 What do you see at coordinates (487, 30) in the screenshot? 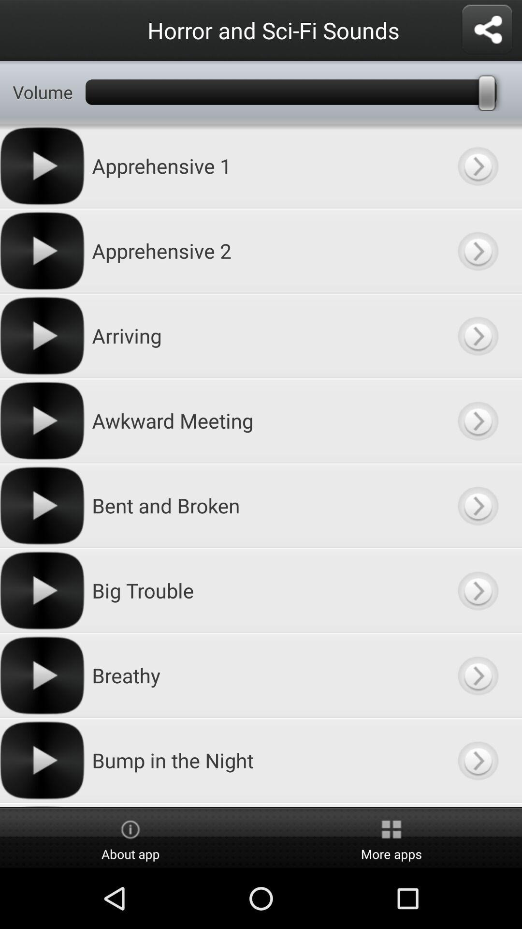
I see `share list` at bounding box center [487, 30].